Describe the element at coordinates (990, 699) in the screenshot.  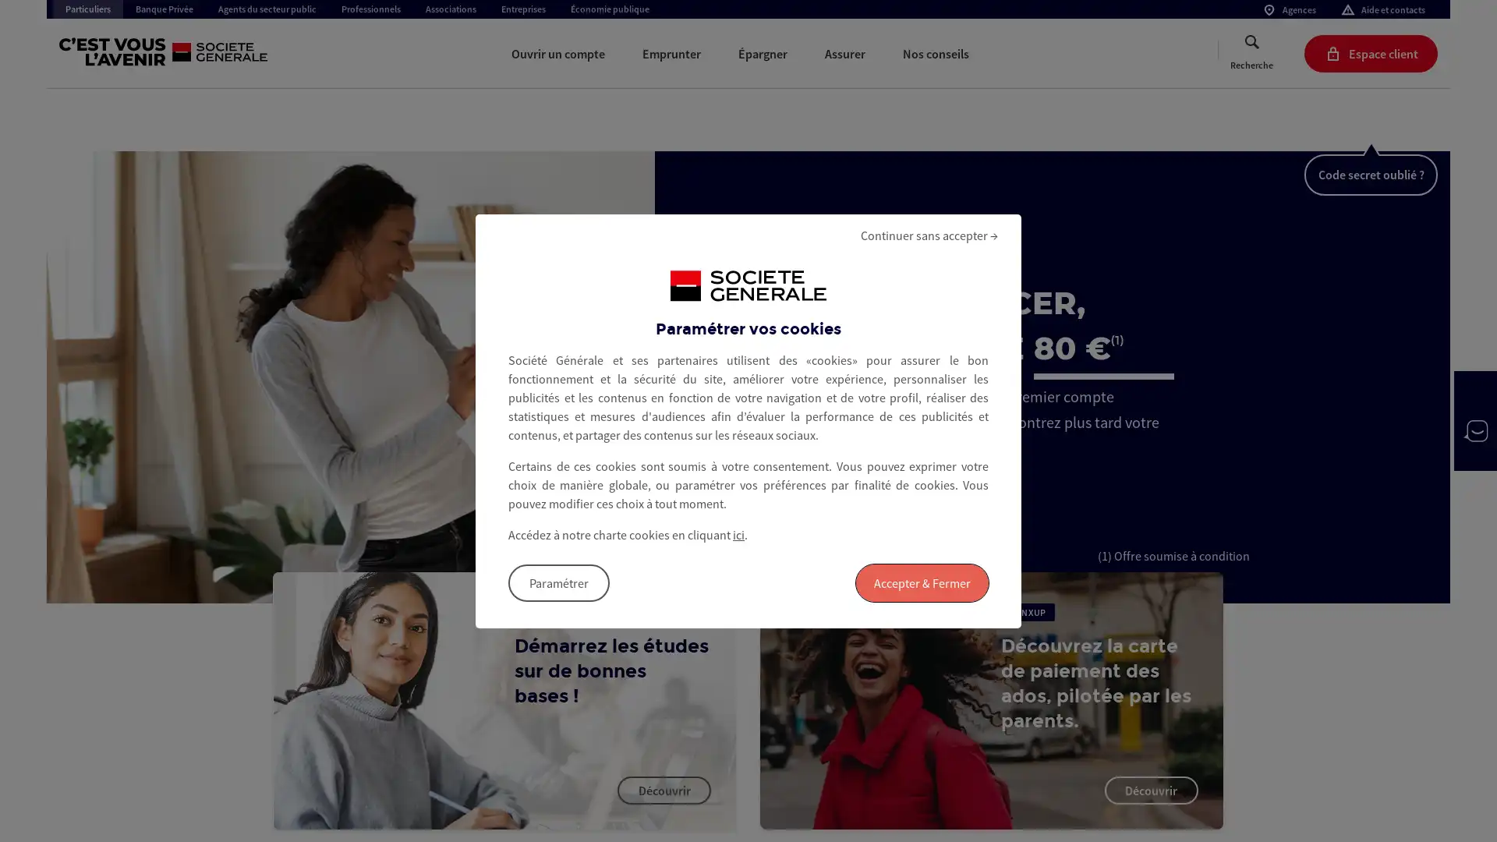
I see `BANXUP Decouvrez la carte de paiement des ados, pilotee par les parents. Decouvrir Decouvrez la carte de paiement des ados, pilotee par les parents. Decouvrez la carte de paiement des ados, pilotee par les parents.` at that location.